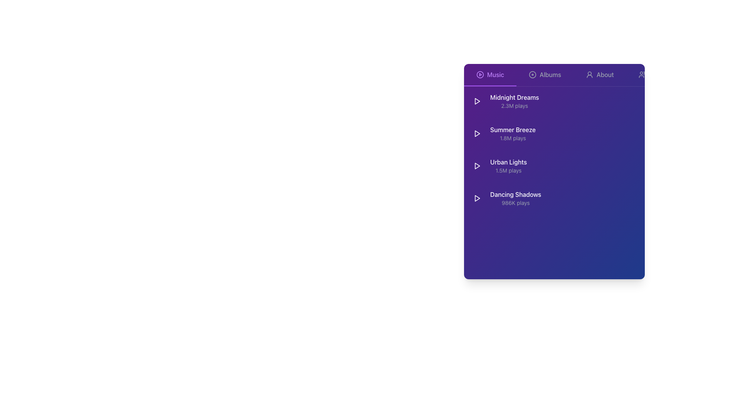 This screenshot has width=740, height=416. What do you see at coordinates (480, 74) in the screenshot?
I see `the 'Music' icon located to the left of the 'Music' text in the top navigation bar` at bounding box center [480, 74].